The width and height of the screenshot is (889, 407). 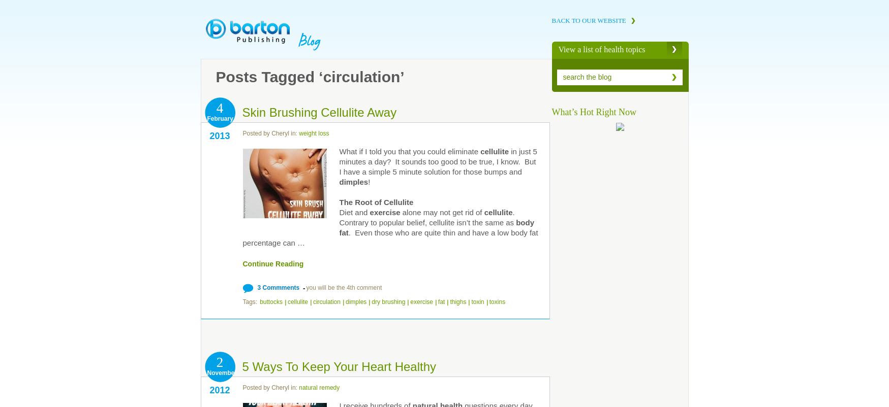 I want to click on 'November', so click(x=221, y=373).